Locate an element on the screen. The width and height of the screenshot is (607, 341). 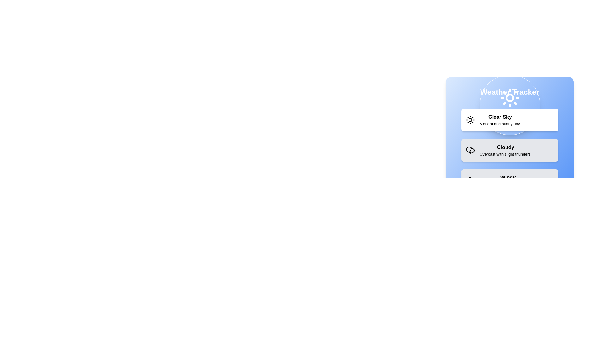
the weather condition text display that shows 'Clear Sky' and a description of 'A bright and sunny day', which is centrally located in a white rounded rectangle within a card-like layout is located at coordinates (500, 120).